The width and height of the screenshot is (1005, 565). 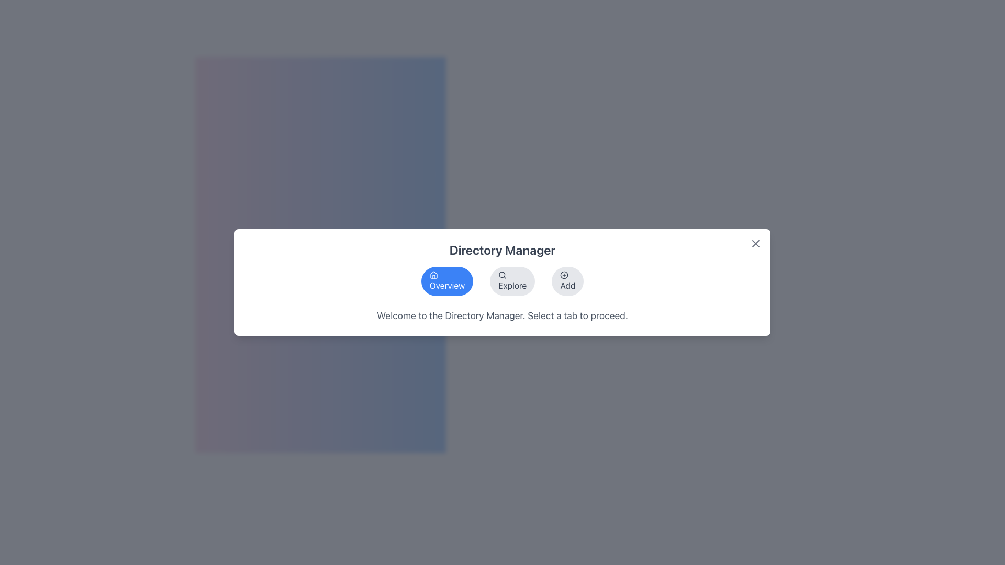 I want to click on the 'Overview' navigation button in the 'Directory Manager' modal to visualize its hover effects, so click(x=447, y=280).